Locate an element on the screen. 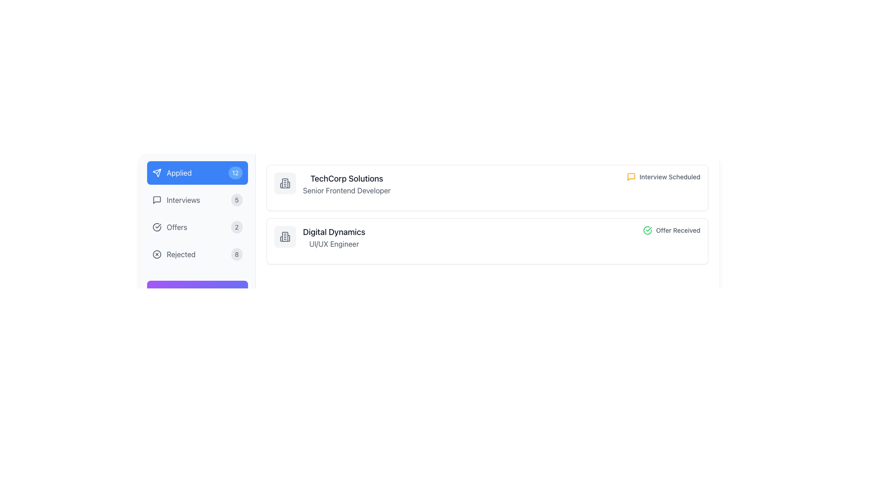 The width and height of the screenshot is (869, 489). the 'TechCorp Solutions' job entry text block, which includes the company name and job title is located at coordinates (332, 184).